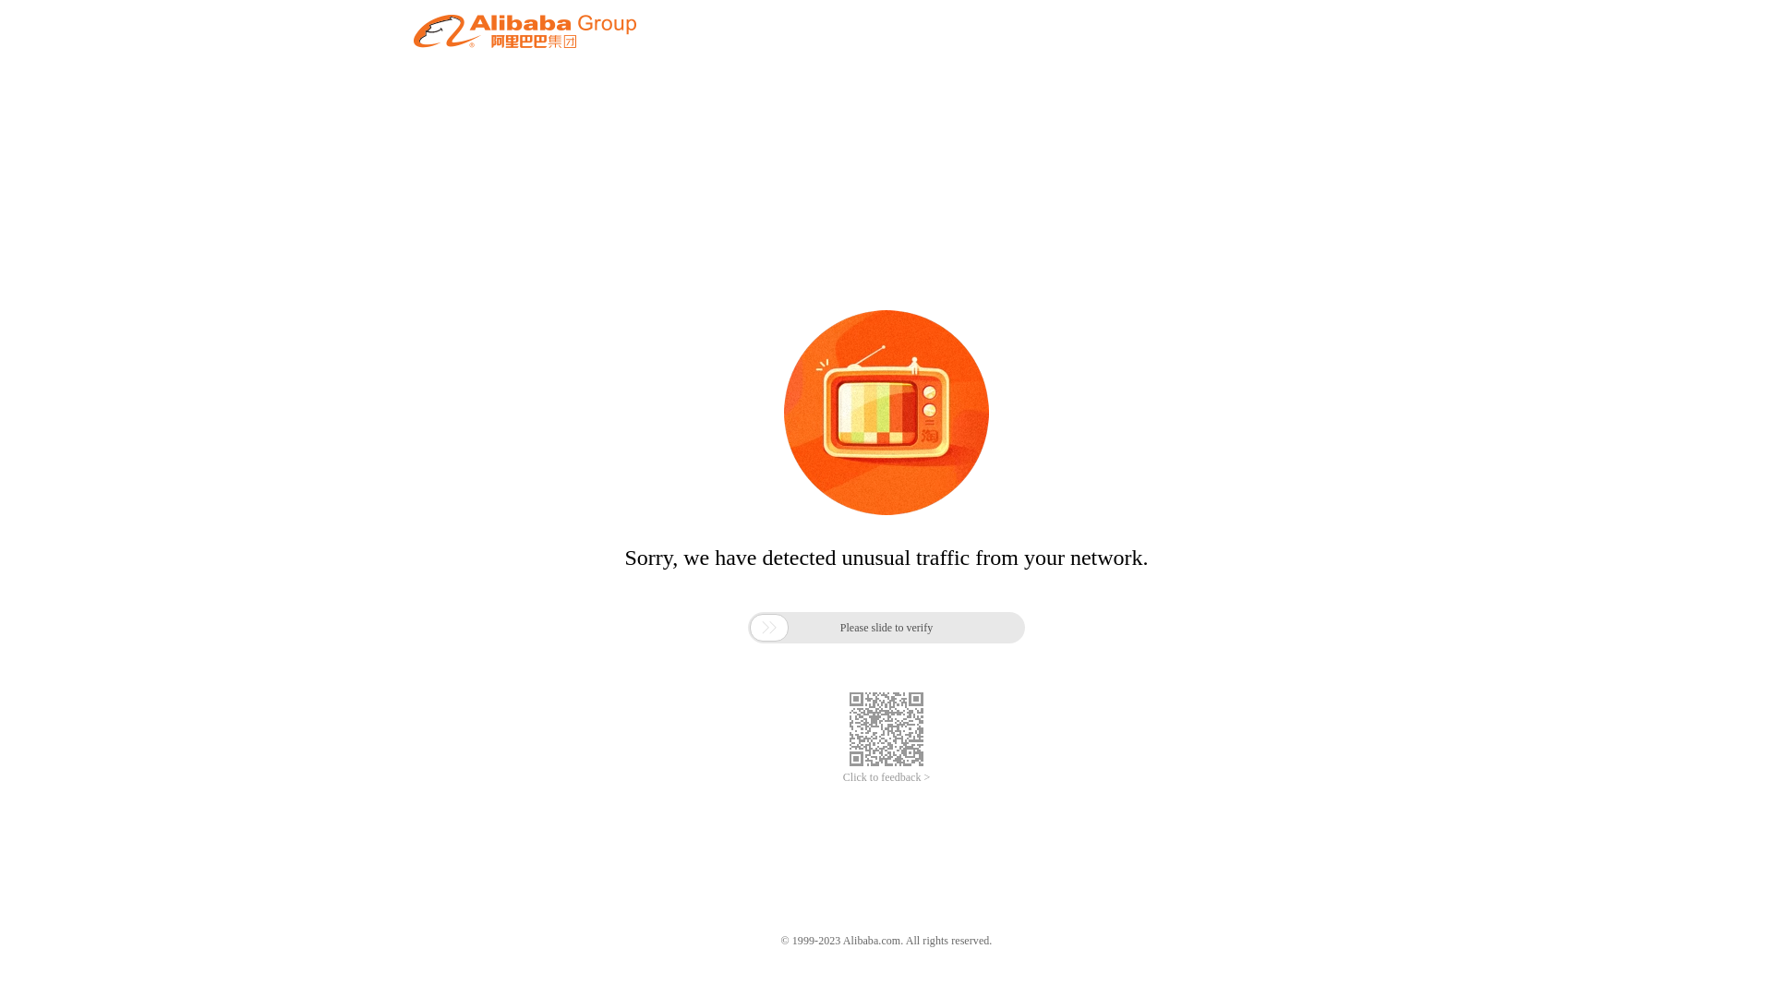  I want to click on 'Click to feedback >', so click(886, 777).